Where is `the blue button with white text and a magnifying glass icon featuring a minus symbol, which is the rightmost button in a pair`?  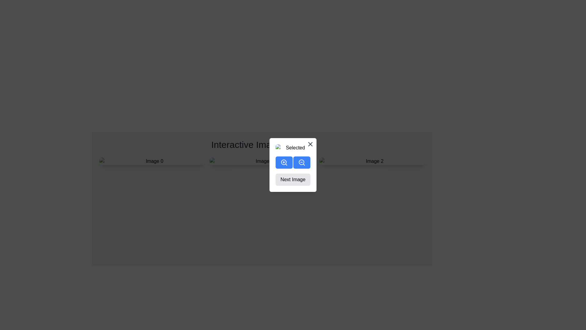 the blue button with white text and a magnifying glass icon featuring a minus symbol, which is the rightmost button in a pair is located at coordinates (302, 162).